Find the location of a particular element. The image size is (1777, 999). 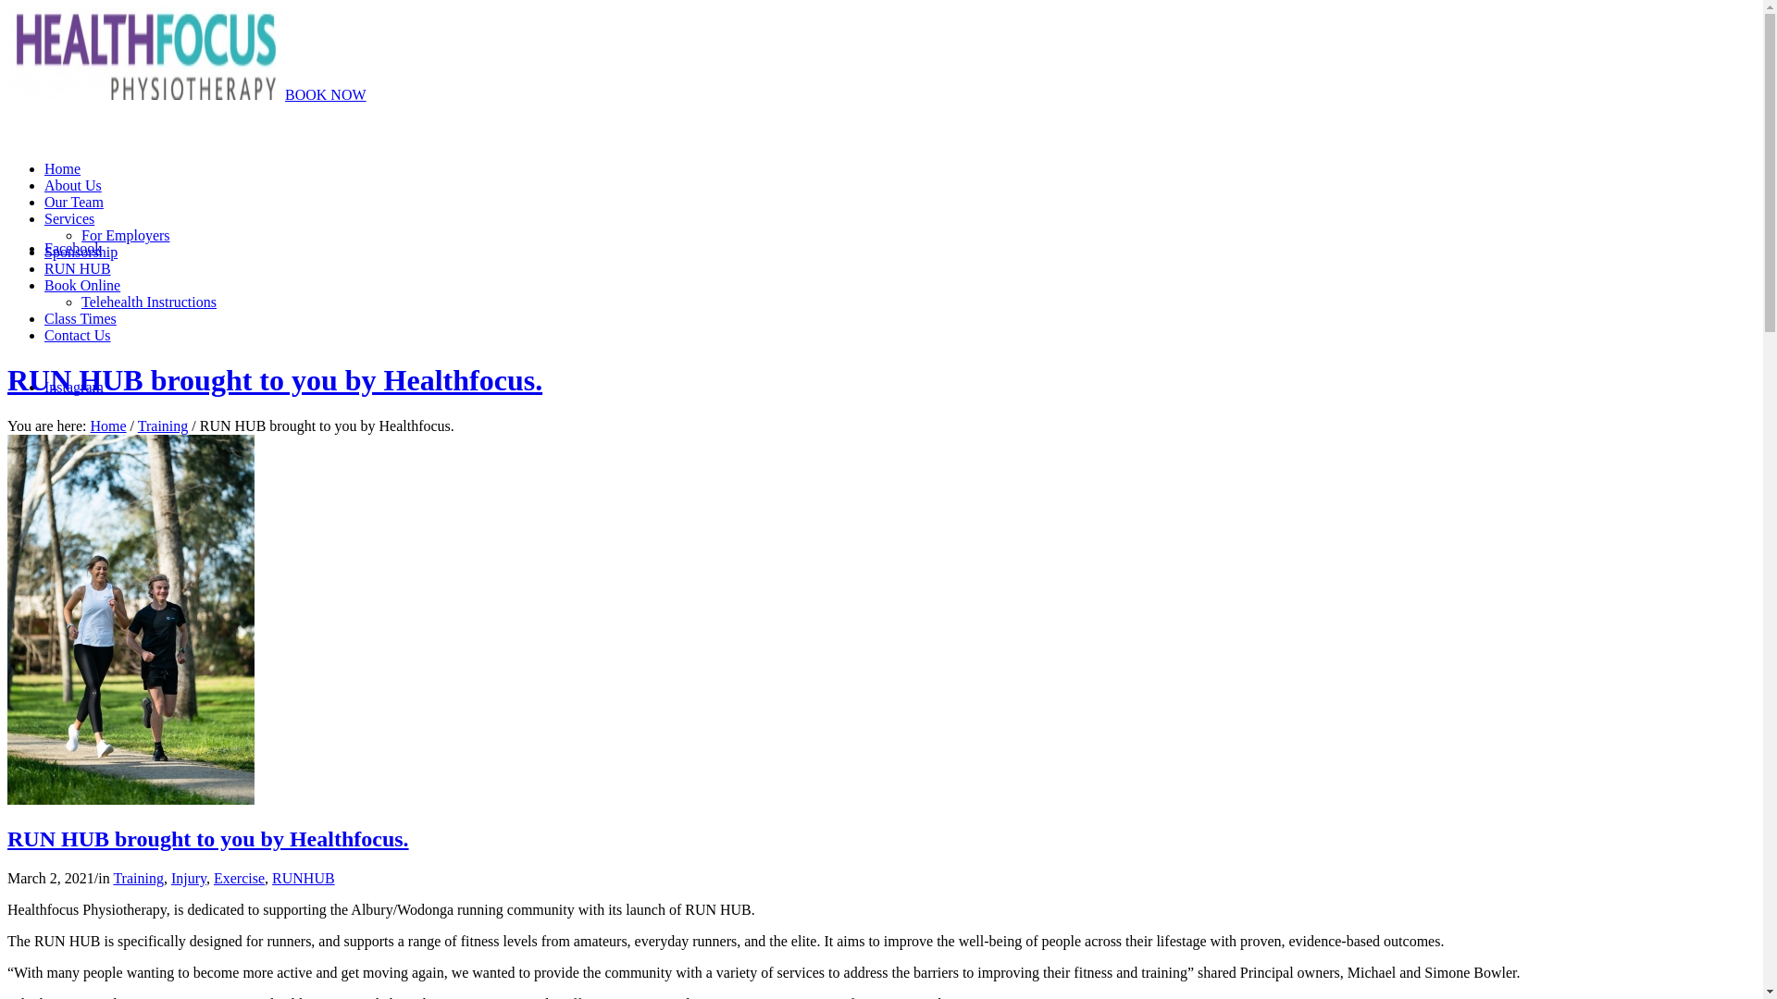

'RUN HUB' is located at coordinates (76, 268).